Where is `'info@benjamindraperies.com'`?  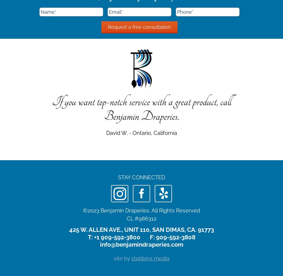 'info@benjamindraperies.com' is located at coordinates (141, 244).